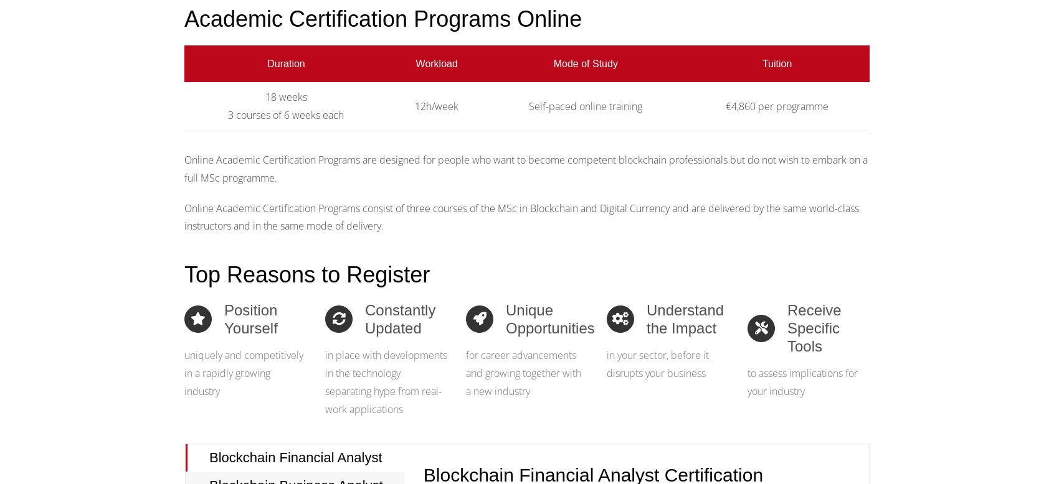 The width and height of the screenshot is (1054, 484). What do you see at coordinates (657, 363) in the screenshot?
I see `'in your sector, before it disrupts your business'` at bounding box center [657, 363].